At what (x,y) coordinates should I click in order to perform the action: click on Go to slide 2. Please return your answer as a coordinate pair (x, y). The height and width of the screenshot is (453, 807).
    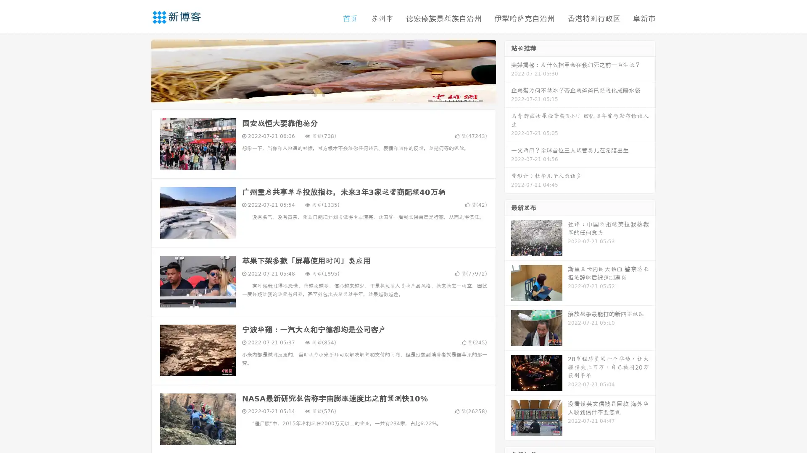
    Looking at the image, I should click on (323, 94).